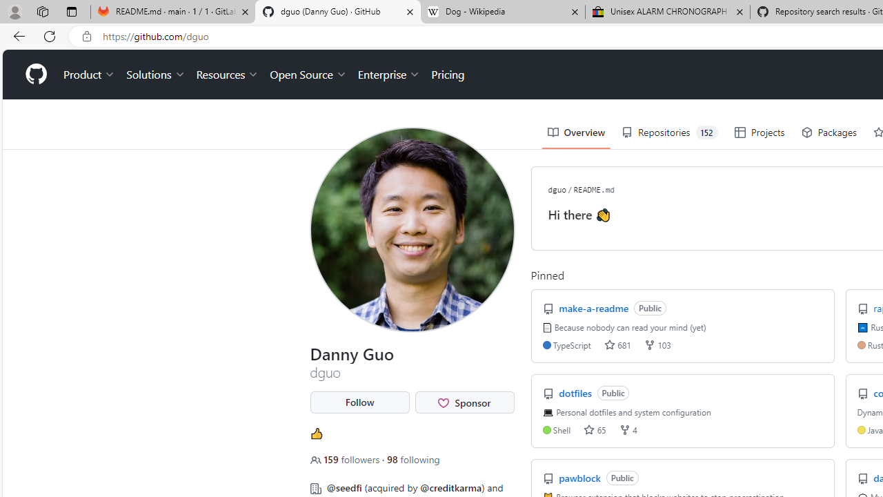 This screenshot has height=497, width=883. What do you see at coordinates (411, 229) in the screenshot?
I see `'View dguo'` at bounding box center [411, 229].